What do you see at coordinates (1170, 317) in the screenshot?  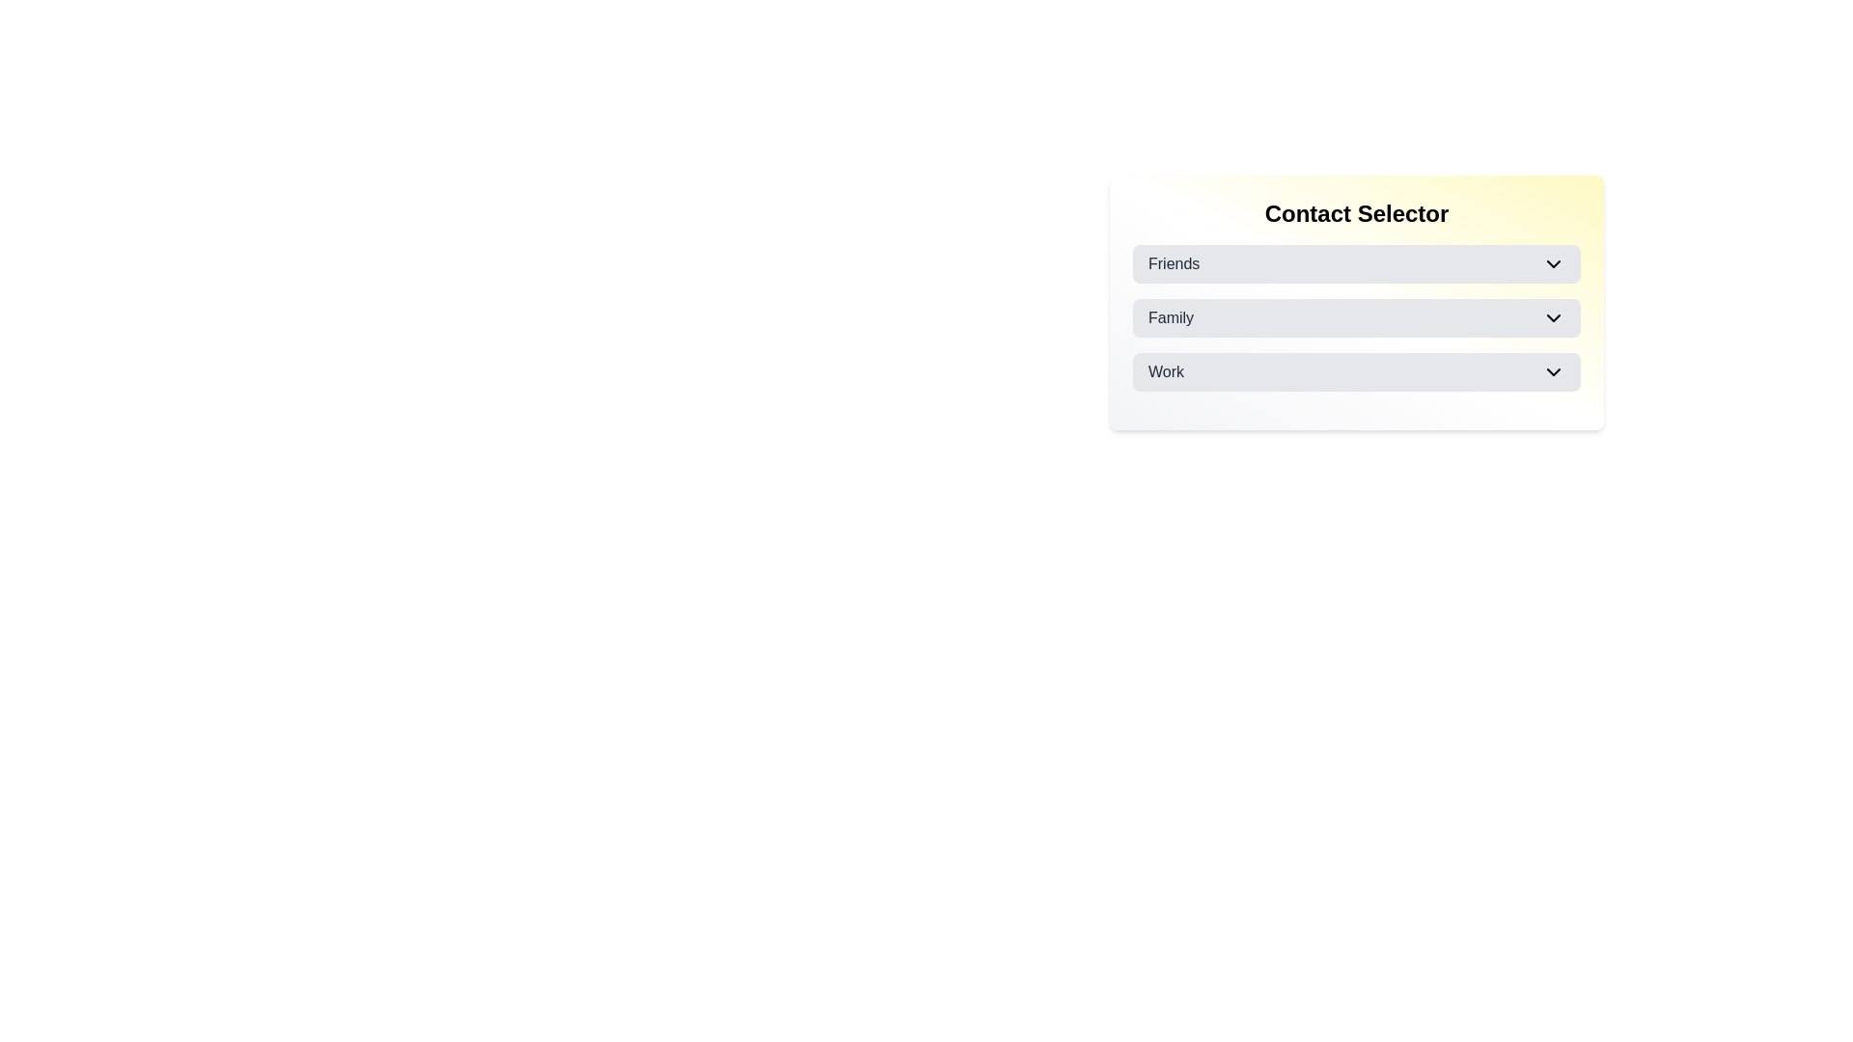 I see `the text label displaying the word 'Family' in medium-weight, gray-colored font located in the second item slot of a vertical list in a dropdown interface` at bounding box center [1170, 317].